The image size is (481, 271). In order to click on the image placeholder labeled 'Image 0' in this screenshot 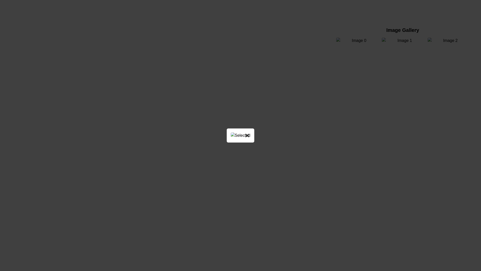, I will do `click(357, 40)`.